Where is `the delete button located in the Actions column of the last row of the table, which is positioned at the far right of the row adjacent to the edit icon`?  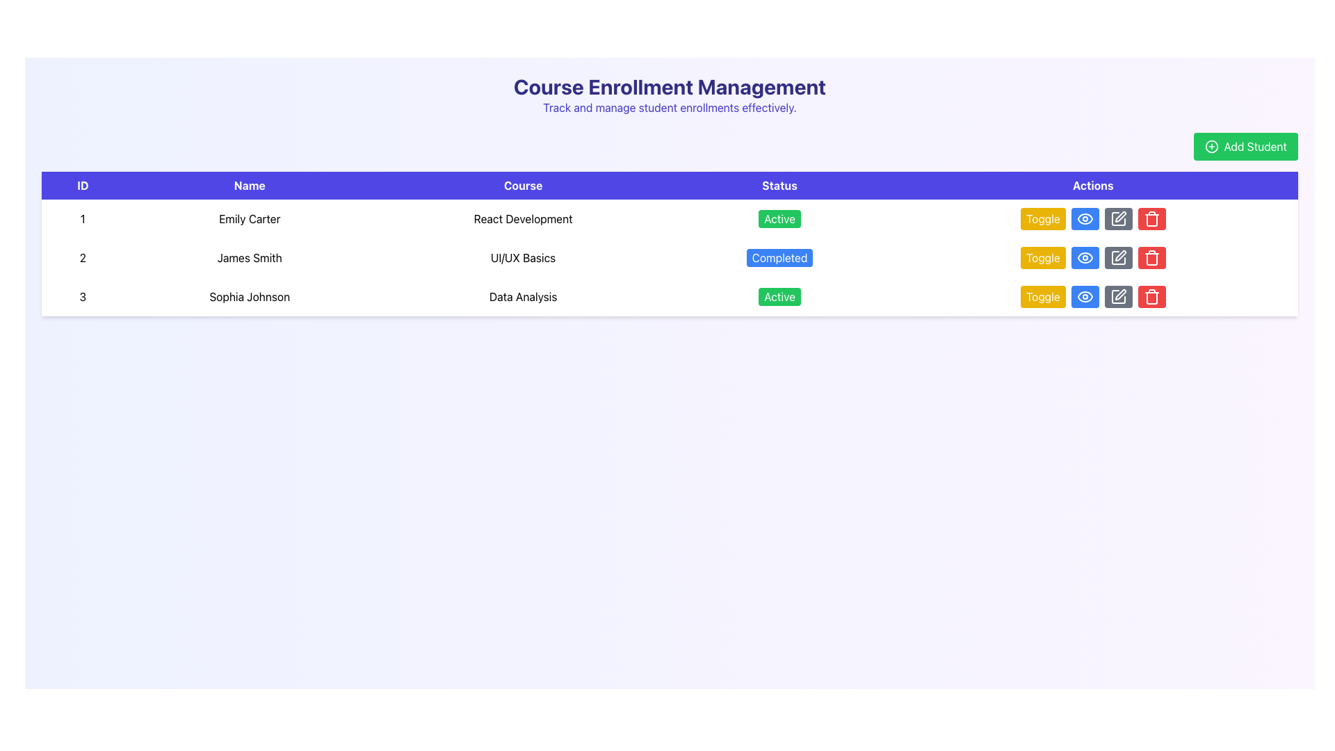 the delete button located in the Actions column of the last row of the table, which is positioned at the far right of the row adjacent to the edit icon is located at coordinates (1151, 296).